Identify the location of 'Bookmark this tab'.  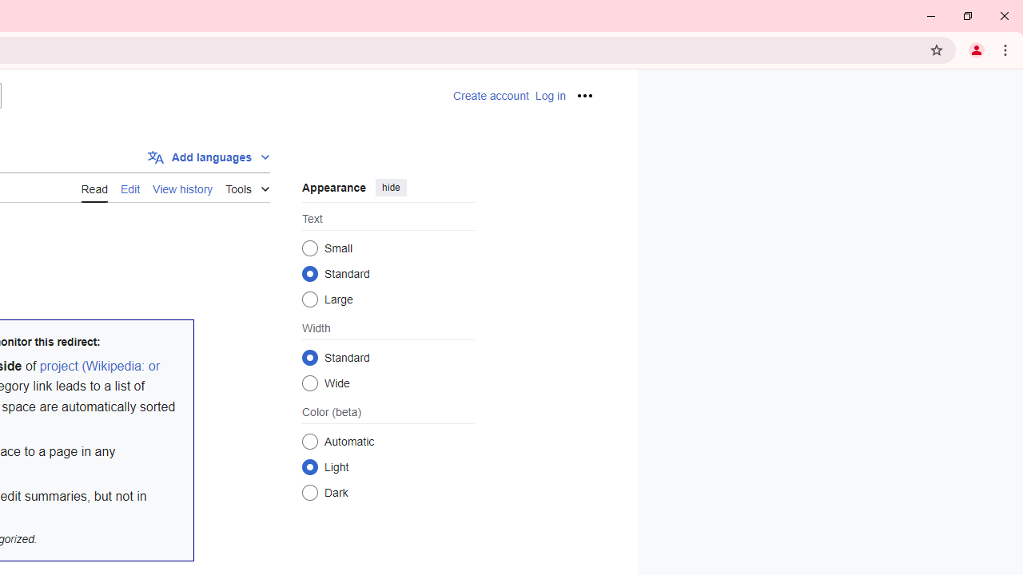
(936, 49).